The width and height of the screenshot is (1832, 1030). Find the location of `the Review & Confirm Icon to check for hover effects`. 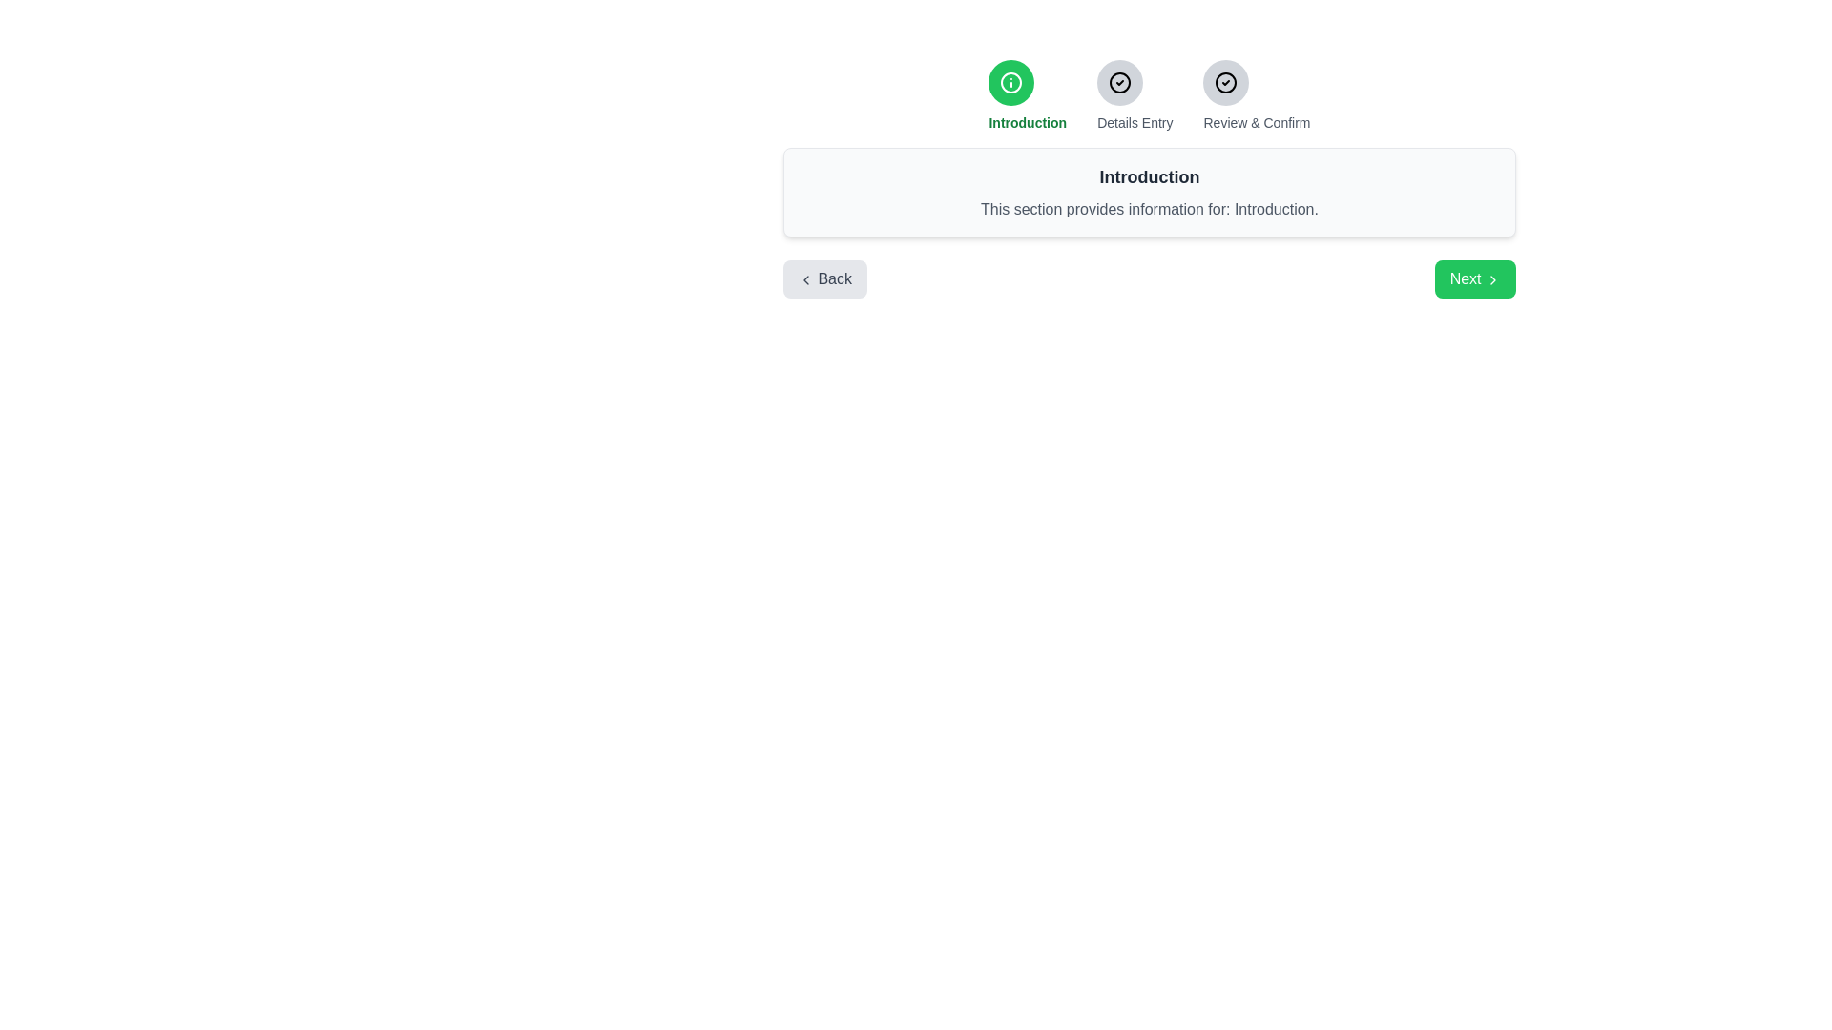

the Review & Confirm Icon to check for hover effects is located at coordinates (1226, 82).